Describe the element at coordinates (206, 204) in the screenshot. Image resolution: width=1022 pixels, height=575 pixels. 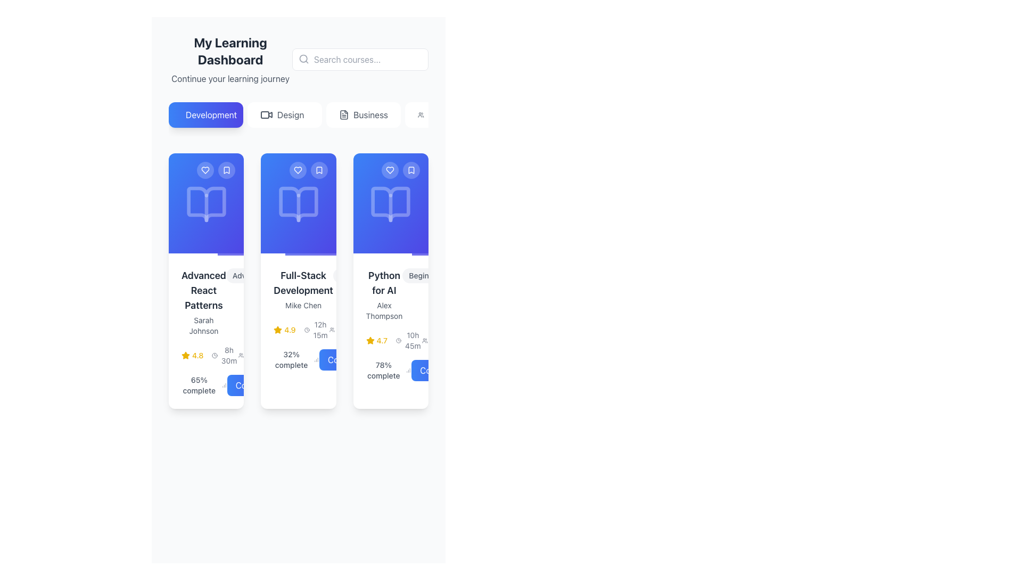
I see `the decorative area with icon representing the course 'Advanced React Patterns' located at the top section of the card layout under the 'Development' tab` at that location.